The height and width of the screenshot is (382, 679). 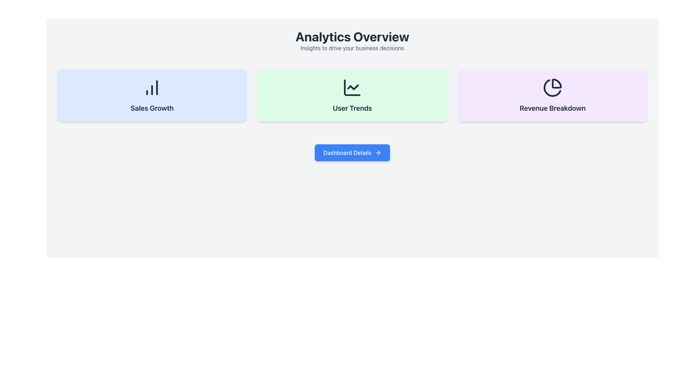 I want to click on the analytics icon located in the green card labeled 'User Trends', so click(x=352, y=87).